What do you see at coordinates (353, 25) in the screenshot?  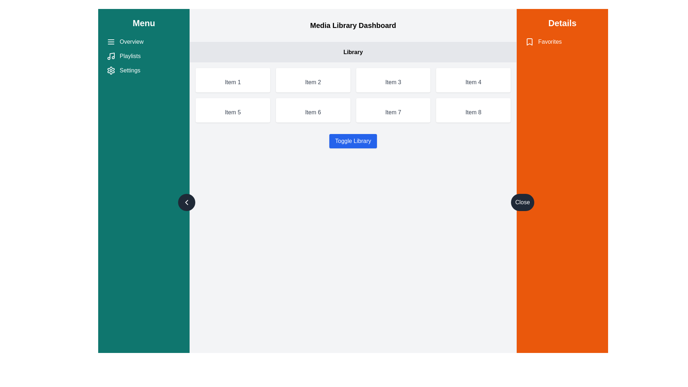 I see `the static text label that serves as a title for the Media Library Dashboard, located at the top-center of the interface beneath the header section` at bounding box center [353, 25].